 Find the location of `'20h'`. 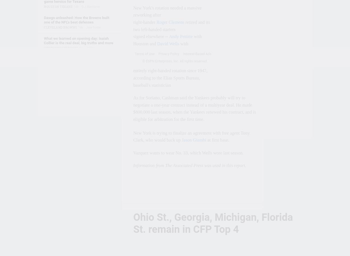

'20h' is located at coordinates (95, 73).